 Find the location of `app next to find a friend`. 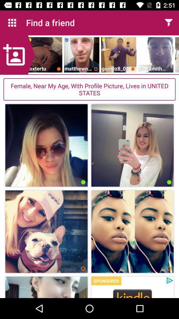

app next to find a friend is located at coordinates (168, 23).